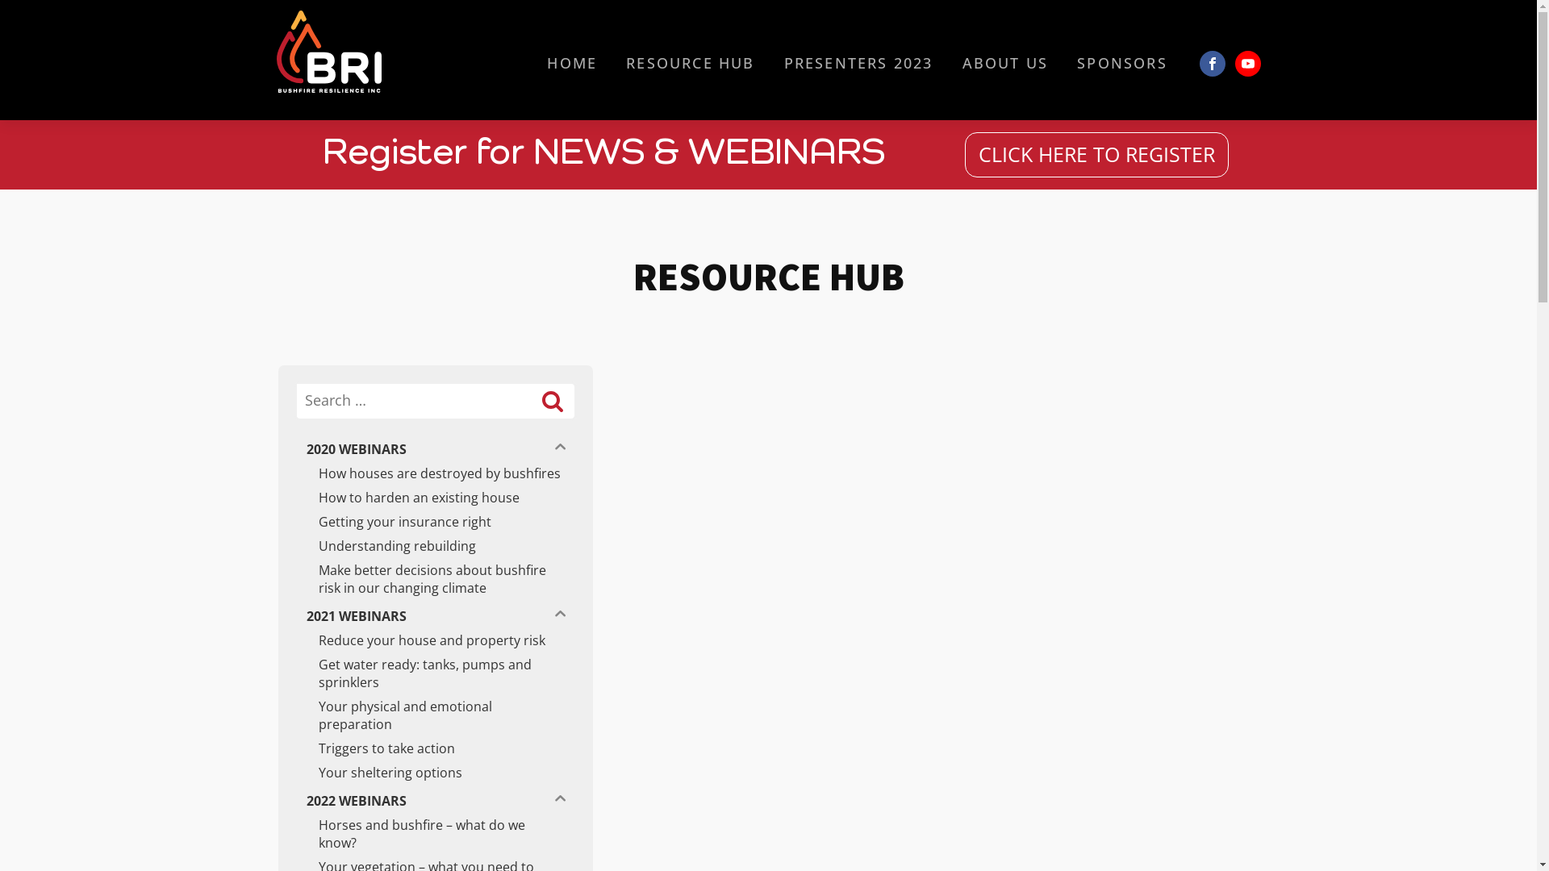  I want to click on 'ABOUT US', so click(1004, 62).